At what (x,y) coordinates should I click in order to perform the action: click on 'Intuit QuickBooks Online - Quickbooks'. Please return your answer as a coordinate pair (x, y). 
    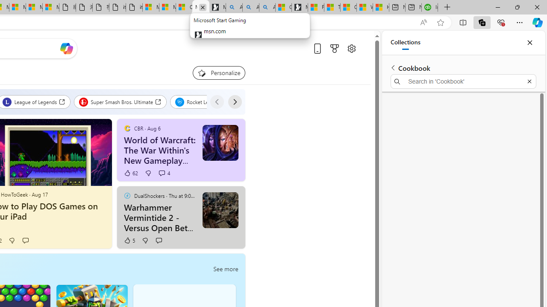
    Looking at the image, I should click on (429, 7).